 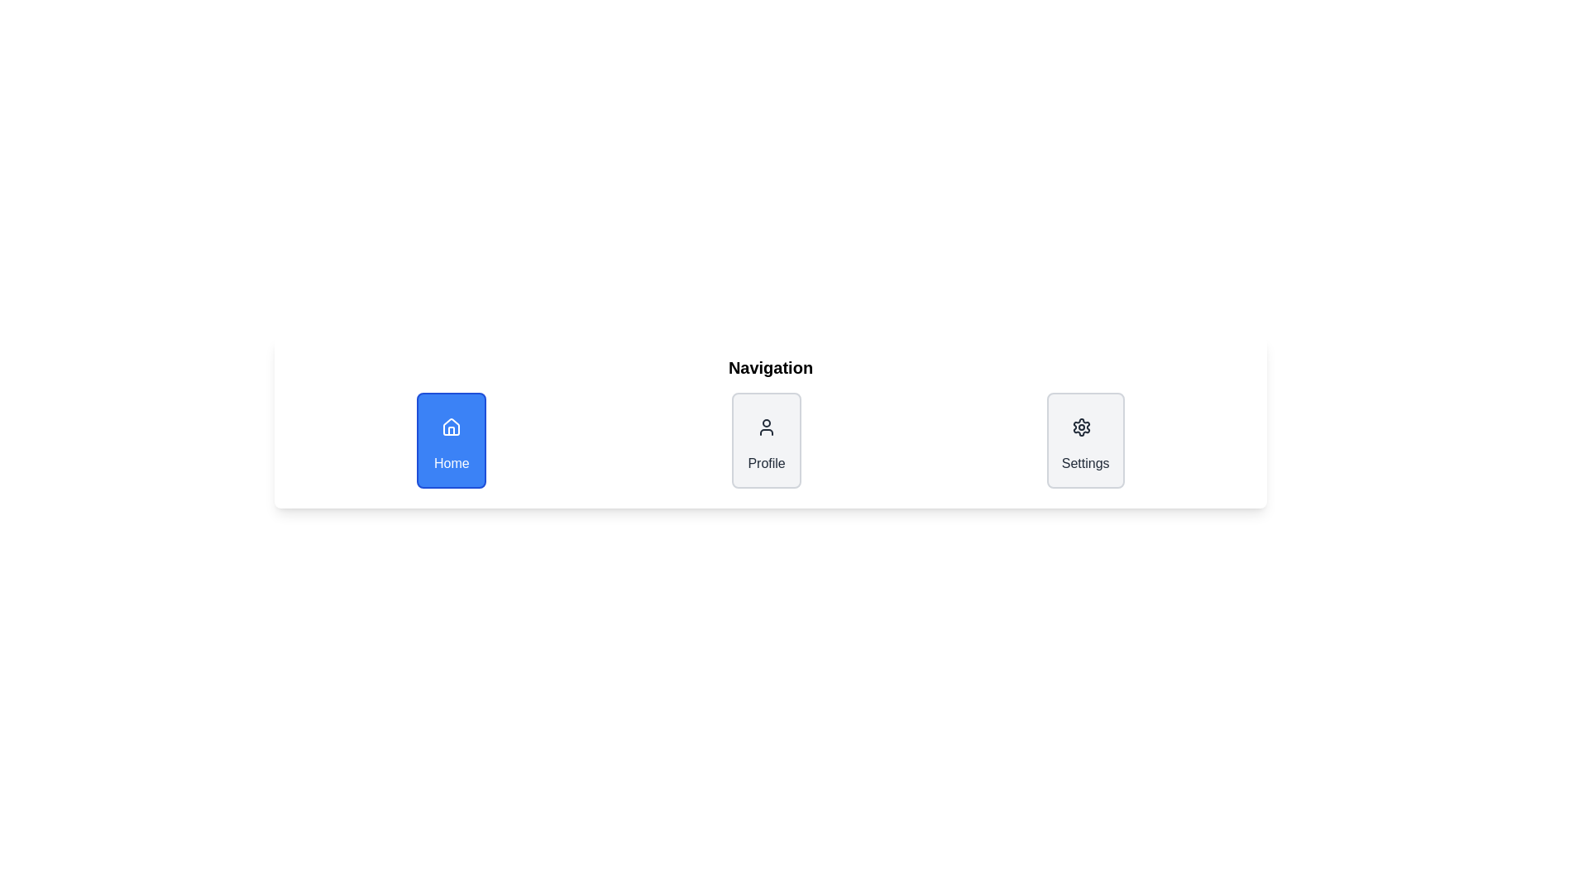 What do you see at coordinates (766, 426) in the screenshot?
I see `the user profile icon located in the middle navigation button under the 'Navigation' heading` at bounding box center [766, 426].